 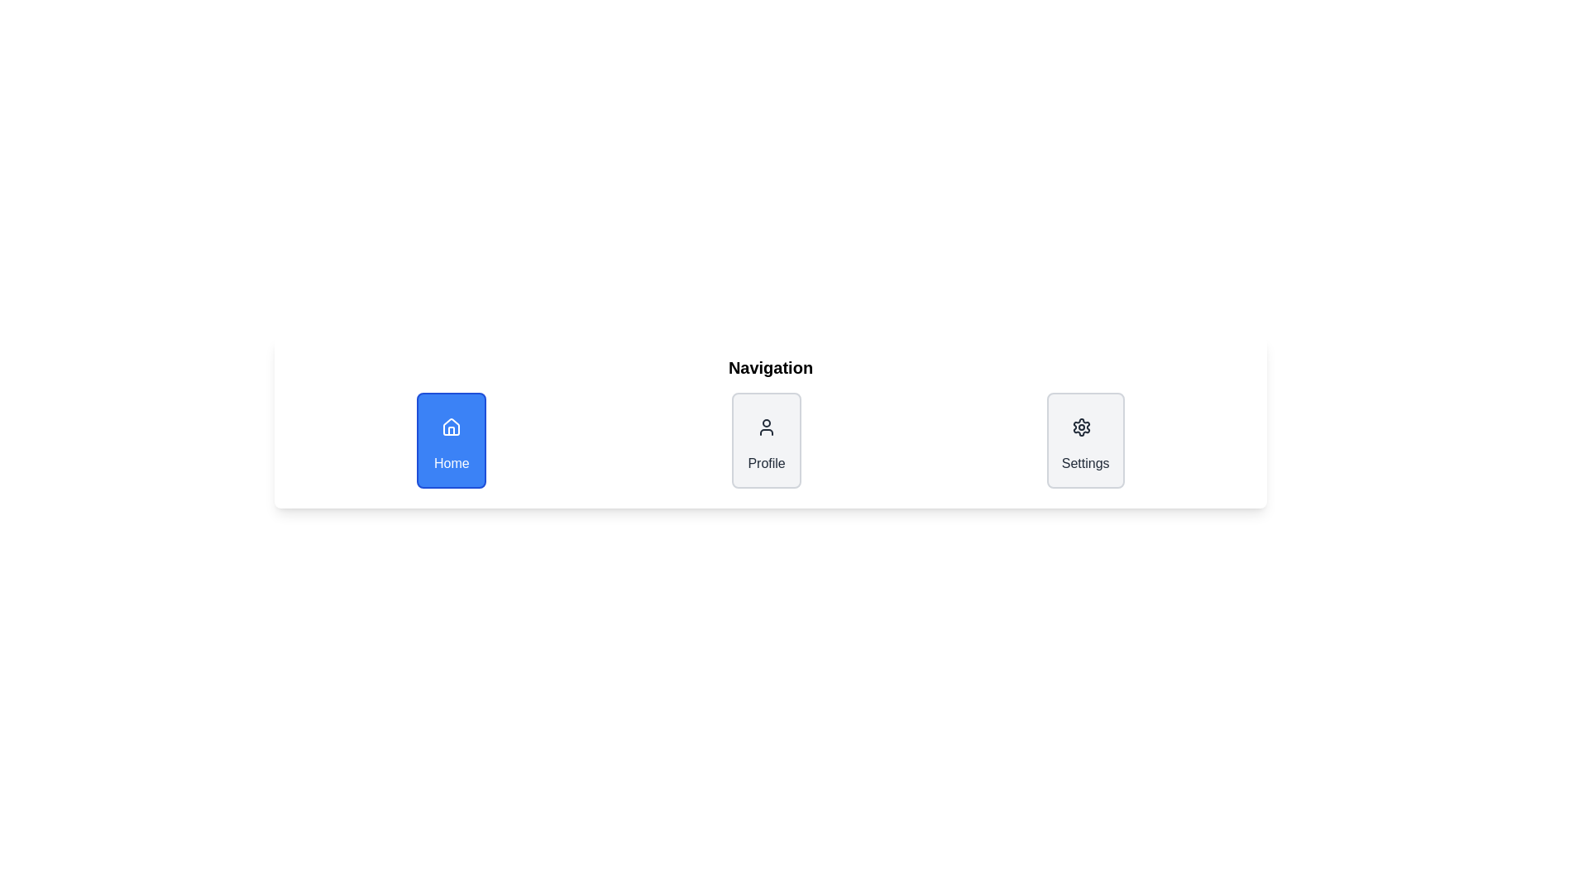 What do you see at coordinates (766, 426) in the screenshot?
I see `the user profile icon located in the middle navigation button under the 'Navigation' heading` at bounding box center [766, 426].